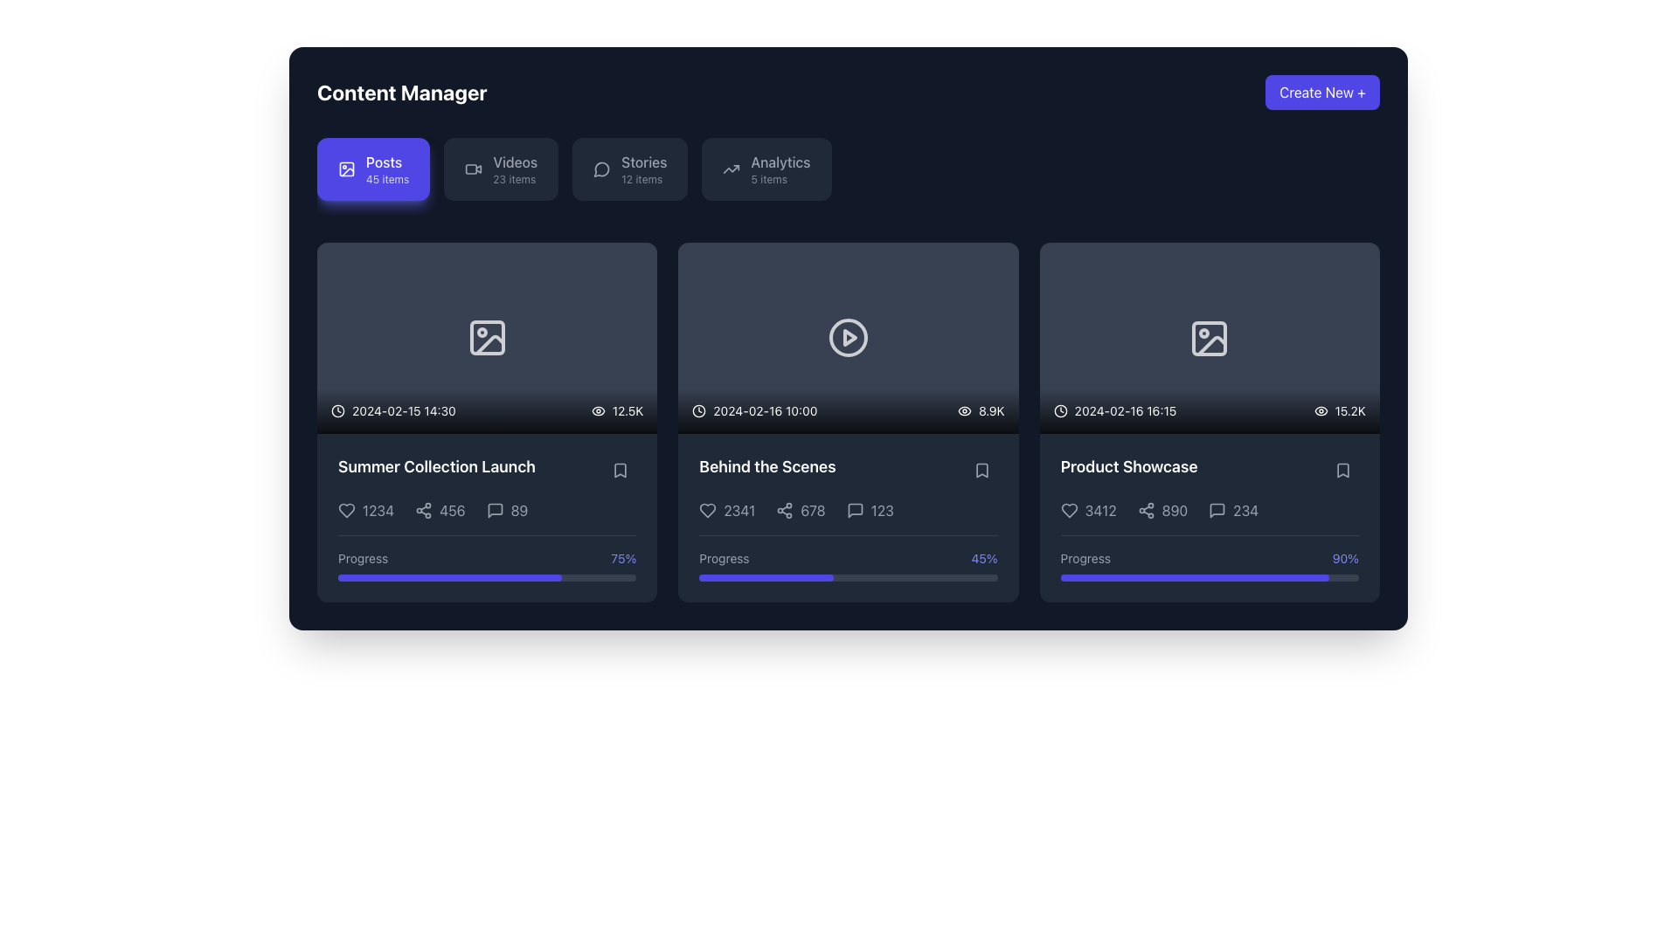  Describe the element at coordinates (870, 510) in the screenshot. I see `the text and icon combination indicating the number of comments associated with the 'Behind the Scenes' card, located at the center bottom section of the middle card` at that location.